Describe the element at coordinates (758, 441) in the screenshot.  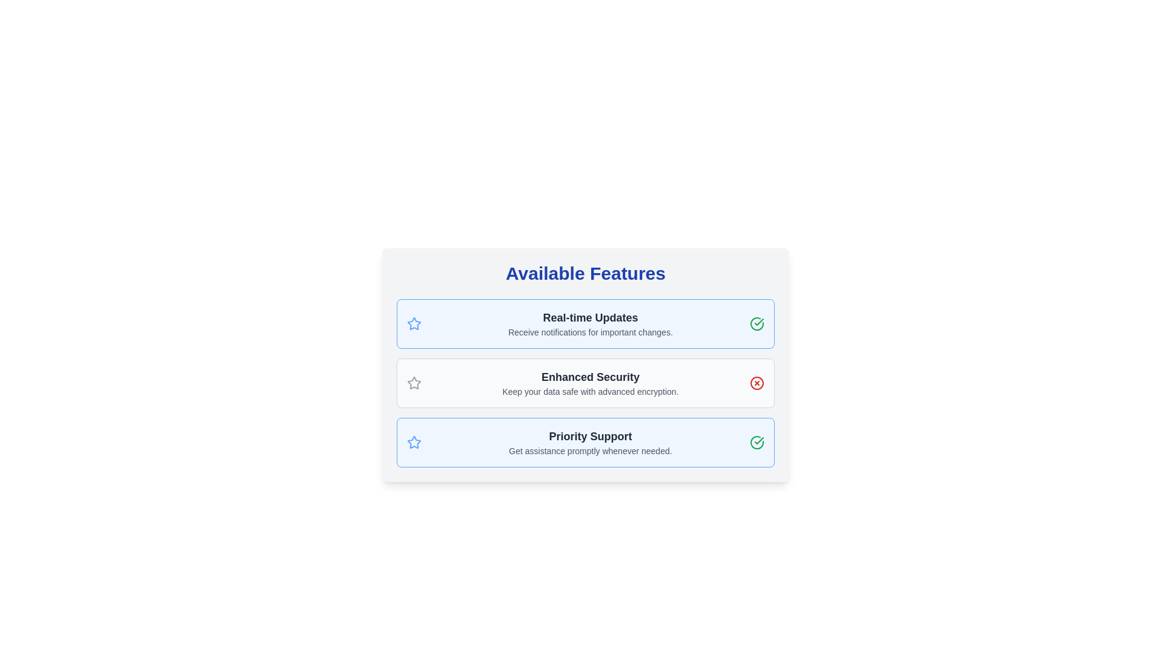
I see `the green check-mark icon associated with 'Real-time Updates', located at the far right of the first row in the list of feature items` at that location.